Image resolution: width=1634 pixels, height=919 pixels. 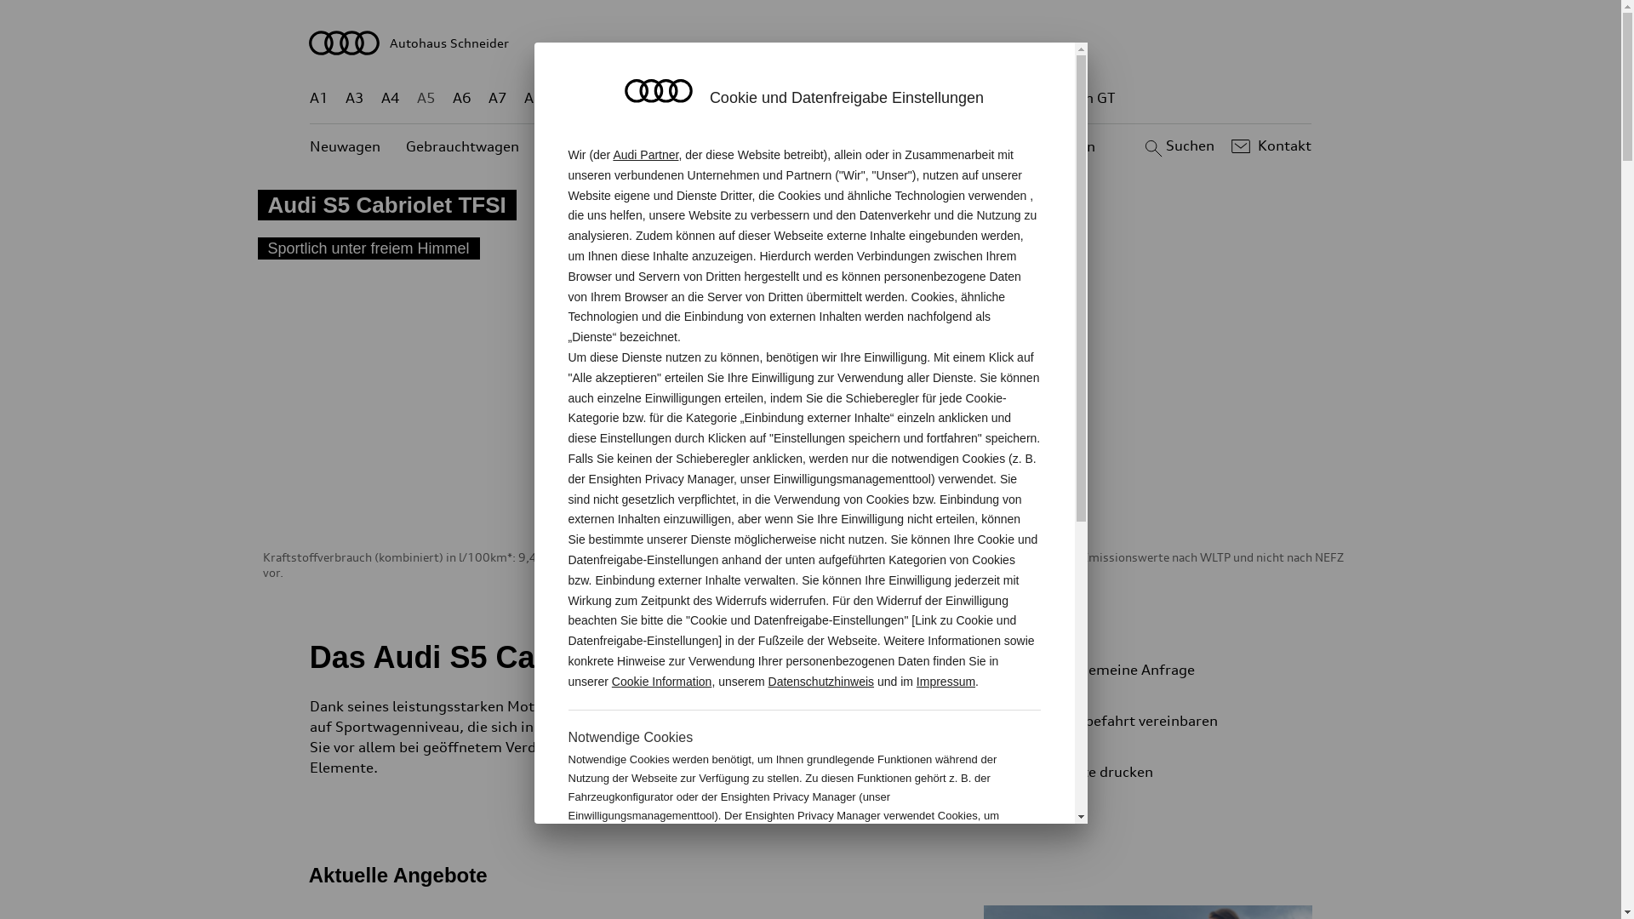 What do you see at coordinates (1226, 146) in the screenshot?
I see `'Kontakt'` at bounding box center [1226, 146].